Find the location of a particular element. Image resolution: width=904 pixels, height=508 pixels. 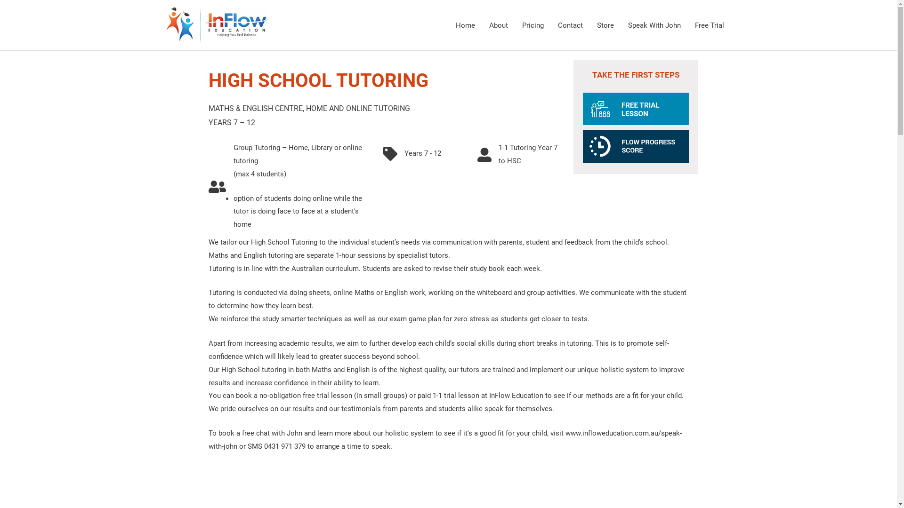

'freeclass' is located at coordinates (636, 108).